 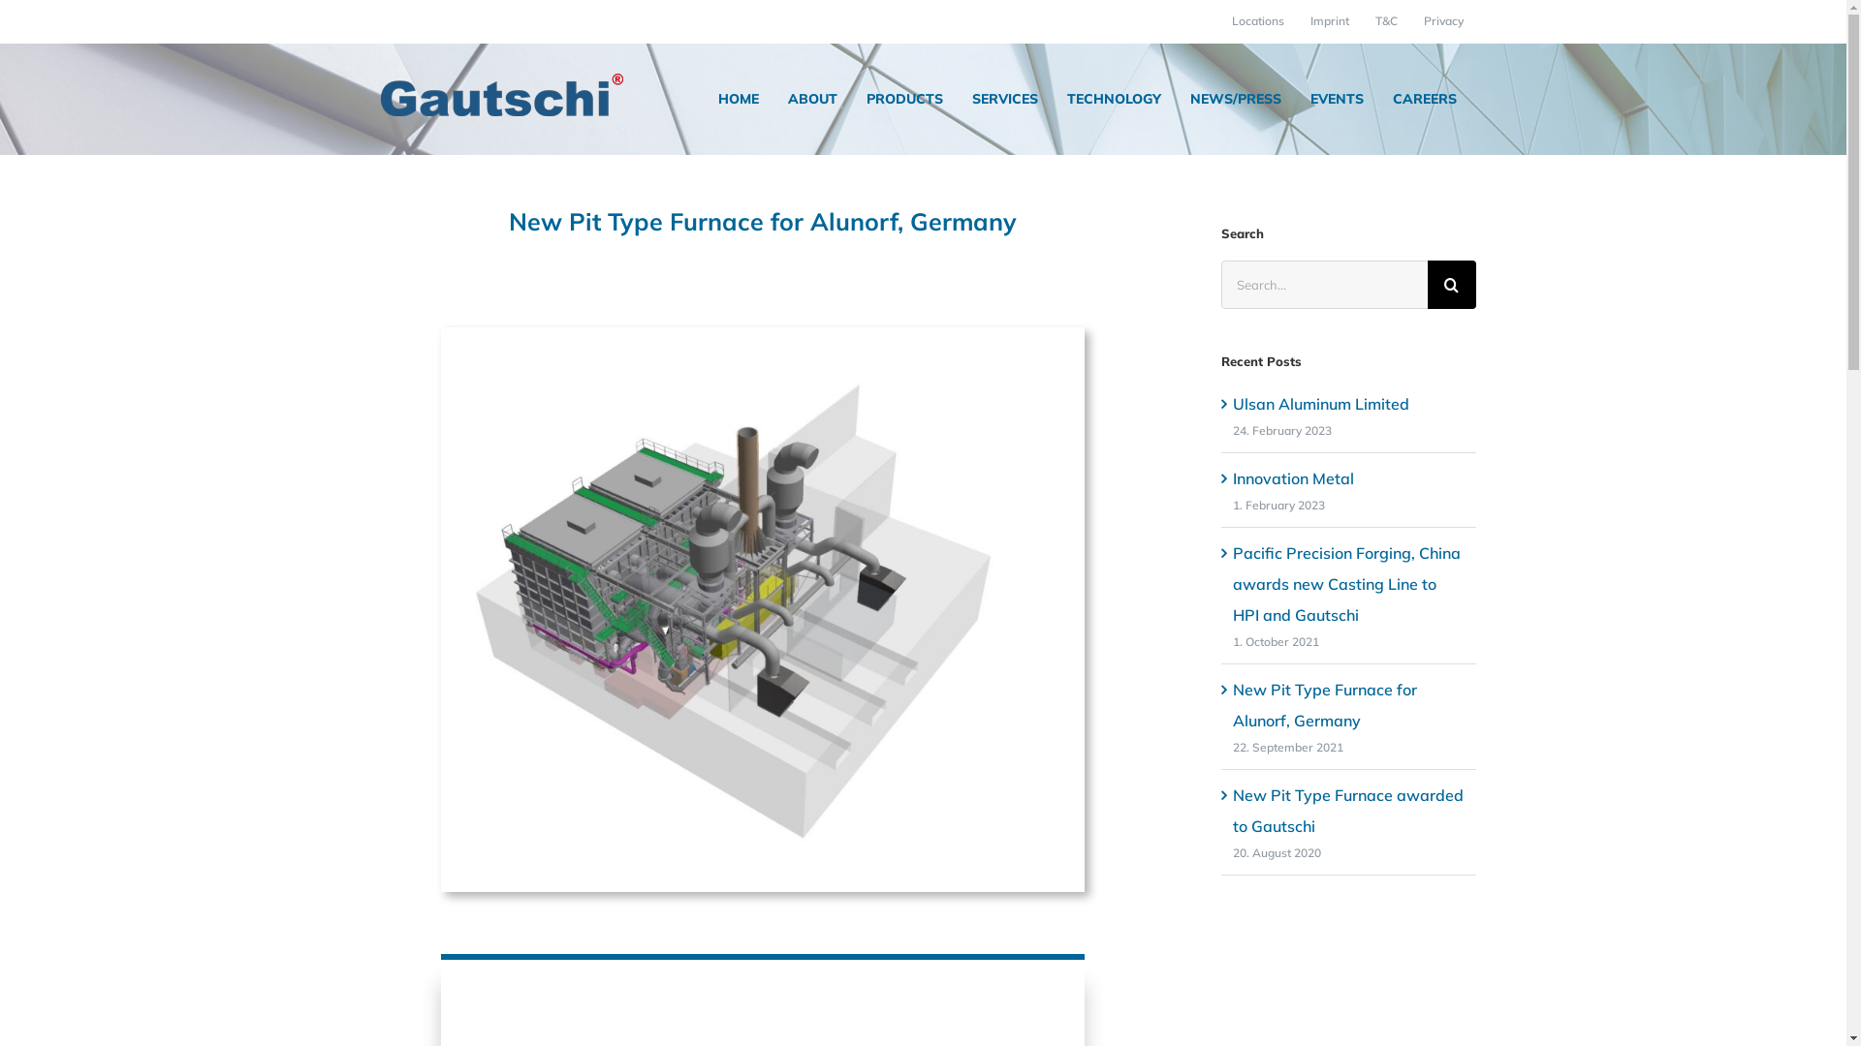 What do you see at coordinates (1257, 21) in the screenshot?
I see `'Locations'` at bounding box center [1257, 21].